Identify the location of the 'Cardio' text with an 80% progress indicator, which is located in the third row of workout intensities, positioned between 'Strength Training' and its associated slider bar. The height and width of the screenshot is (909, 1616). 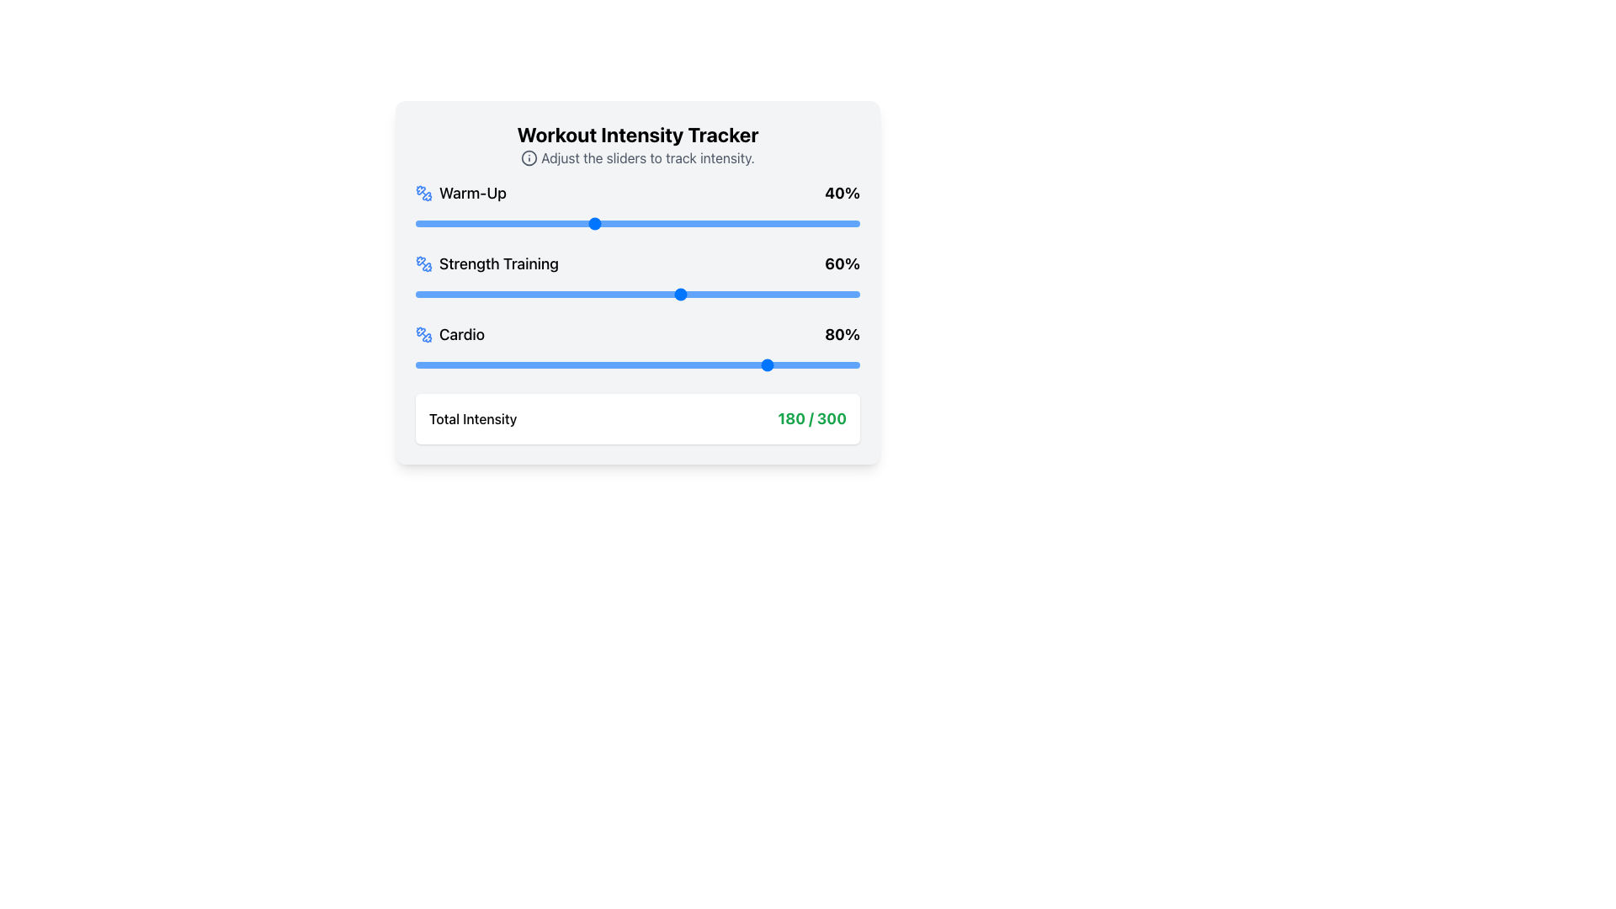
(637, 334).